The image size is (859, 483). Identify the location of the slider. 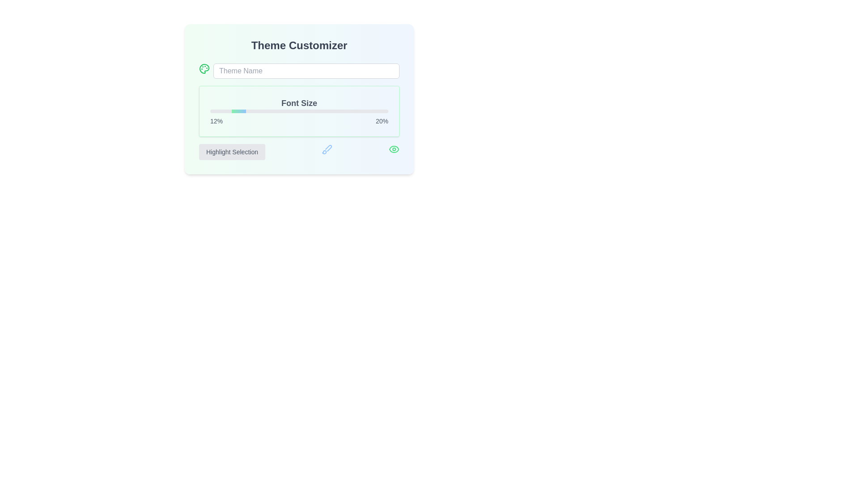
(338, 111).